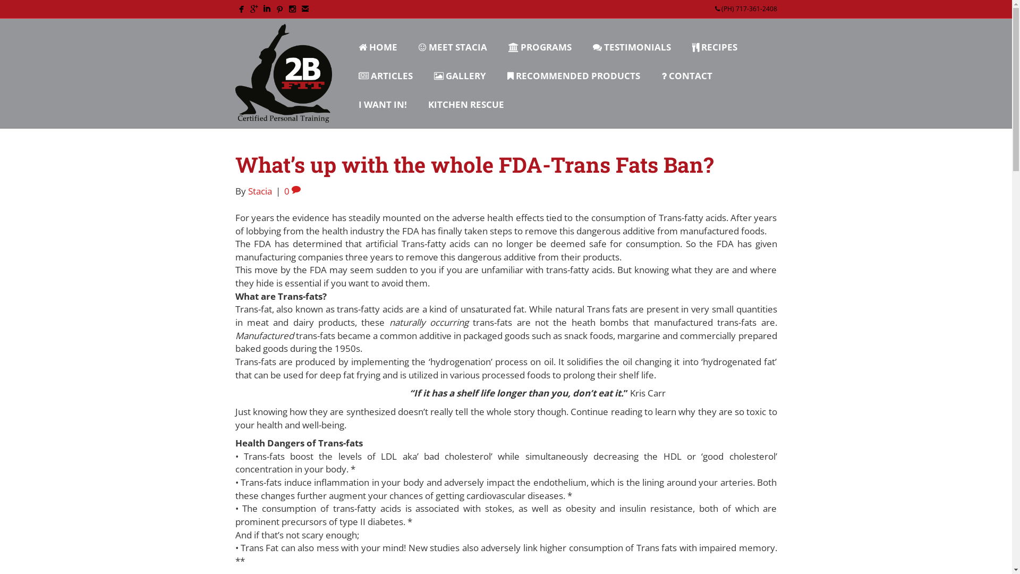 The image size is (1020, 574). I want to click on 'Stacia', so click(259, 190).